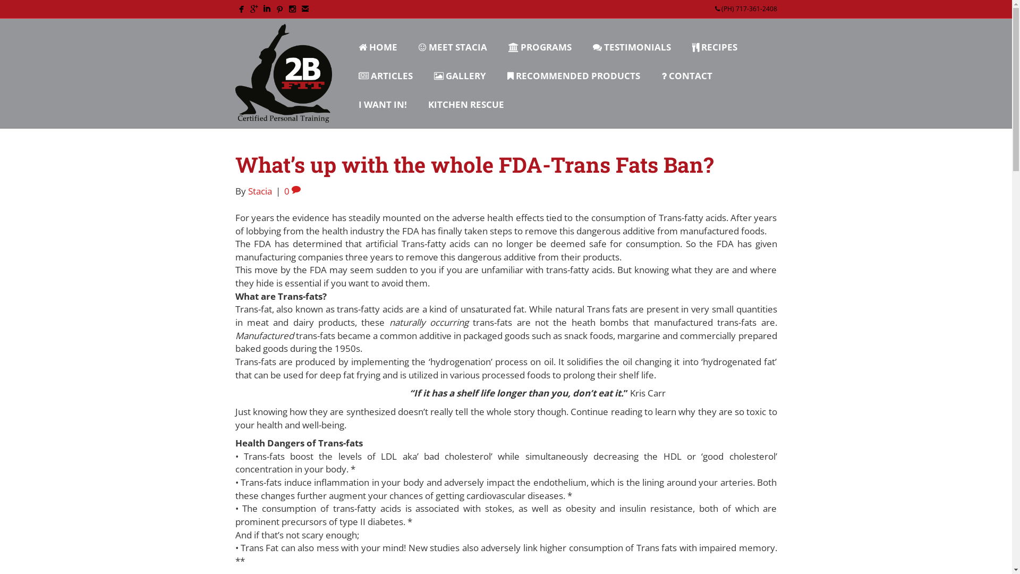 The image size is (1020, 574). I want to click on 'Stacia', so click(259, 190).